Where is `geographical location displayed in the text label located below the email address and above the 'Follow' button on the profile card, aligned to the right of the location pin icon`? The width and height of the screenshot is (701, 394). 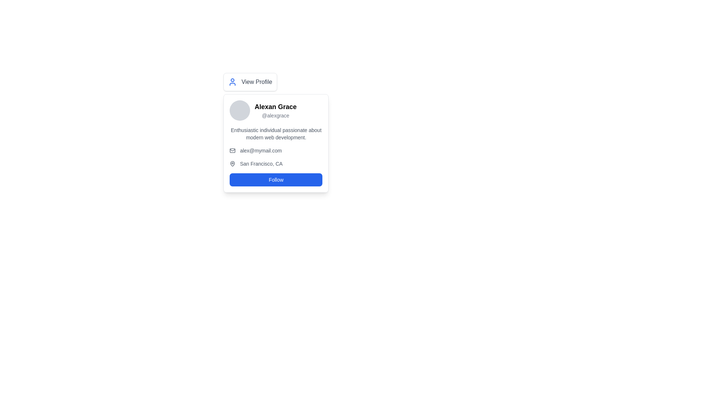
geographical location displayed in the text label located below the email address and above the 'Follow' button on the profile card, aligned to the right of the location pin icon is located at coordinates (261, 163).